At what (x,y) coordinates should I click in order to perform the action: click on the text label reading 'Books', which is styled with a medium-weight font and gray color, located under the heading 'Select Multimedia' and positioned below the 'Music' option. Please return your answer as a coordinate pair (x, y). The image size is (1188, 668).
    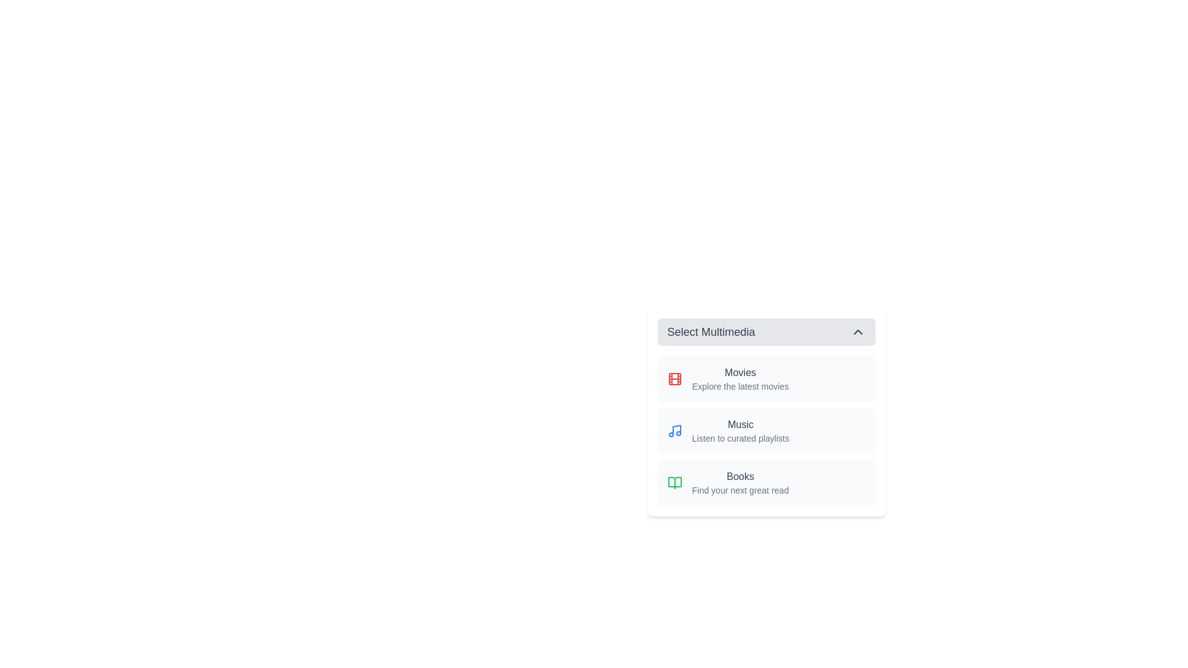
    Looking at the image, I should click on (740, 476).